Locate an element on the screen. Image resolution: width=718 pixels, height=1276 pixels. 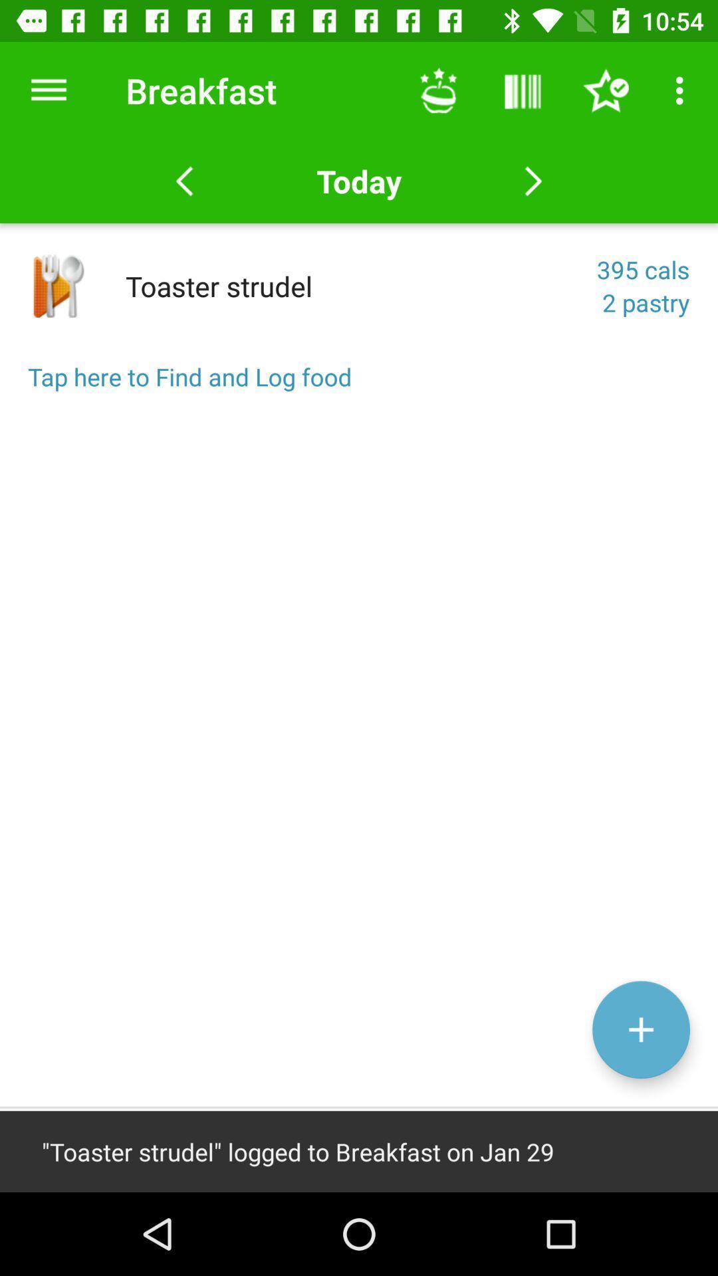
the  icon in the bottom right is located at coordinates (640, 1029).